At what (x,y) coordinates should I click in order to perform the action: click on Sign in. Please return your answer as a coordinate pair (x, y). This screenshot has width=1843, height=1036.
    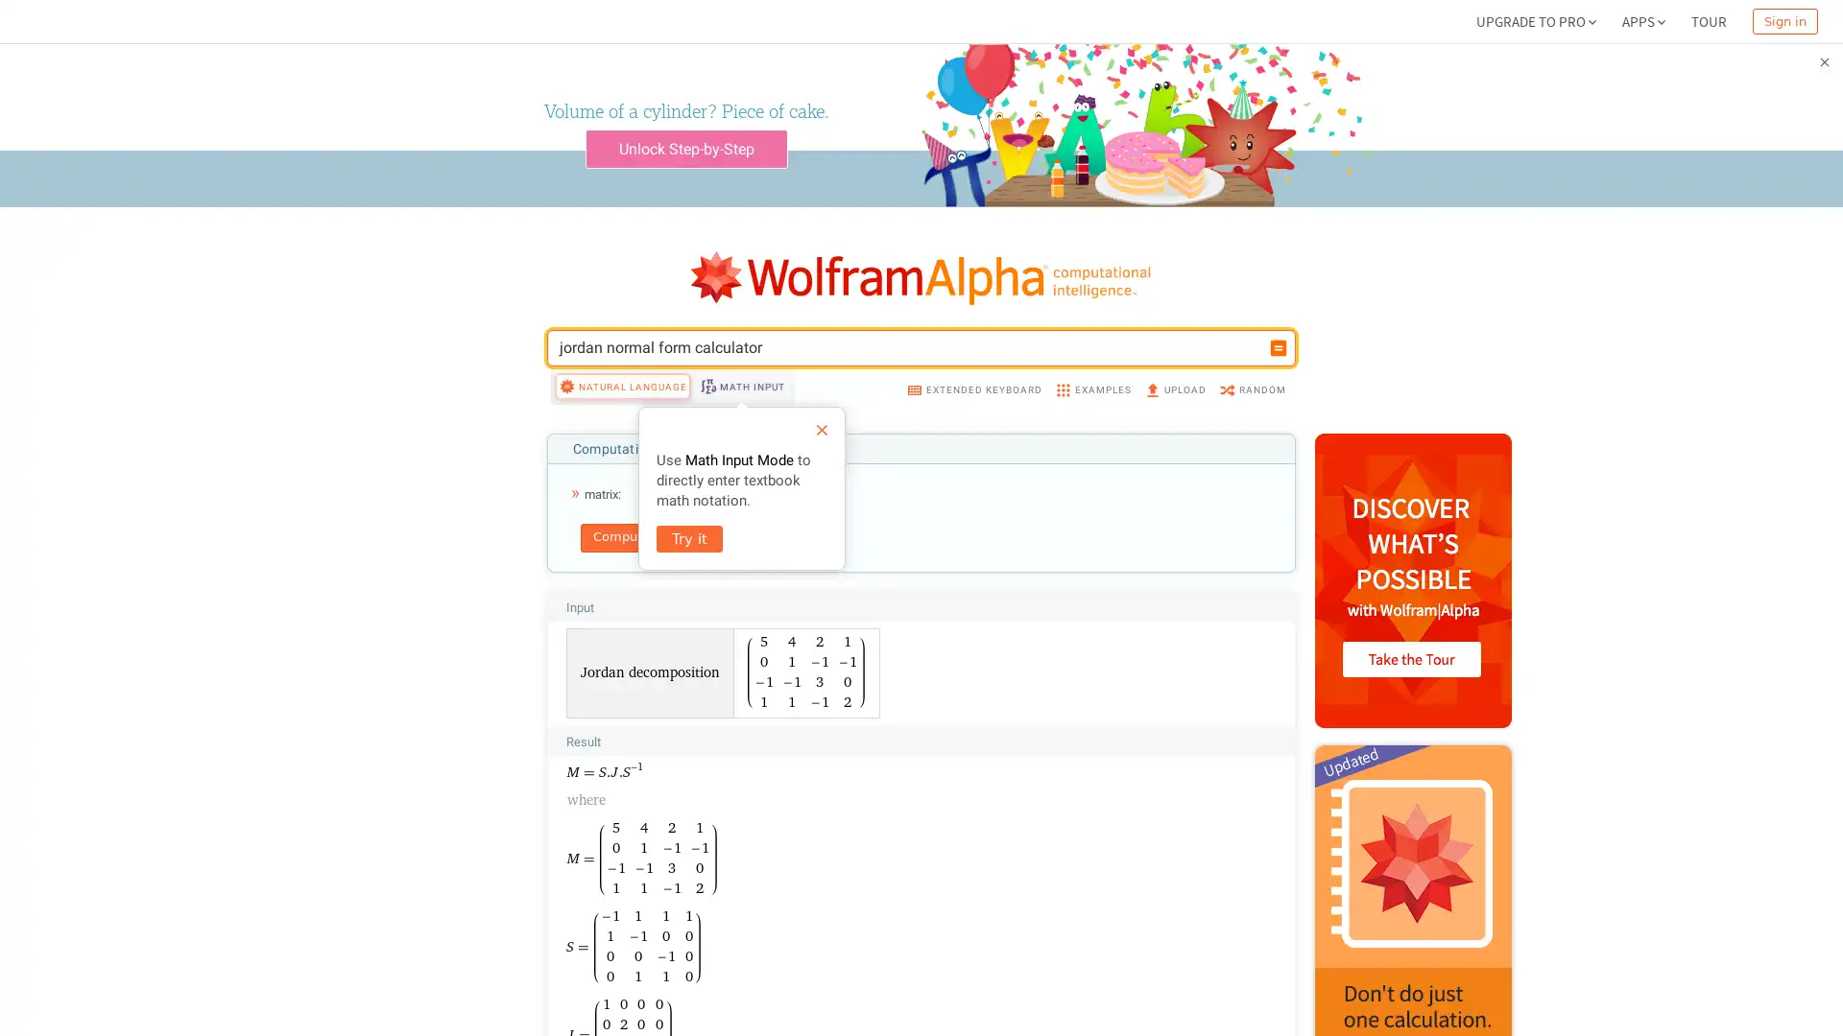
    Looking at the image, I should click on (1784, 21).